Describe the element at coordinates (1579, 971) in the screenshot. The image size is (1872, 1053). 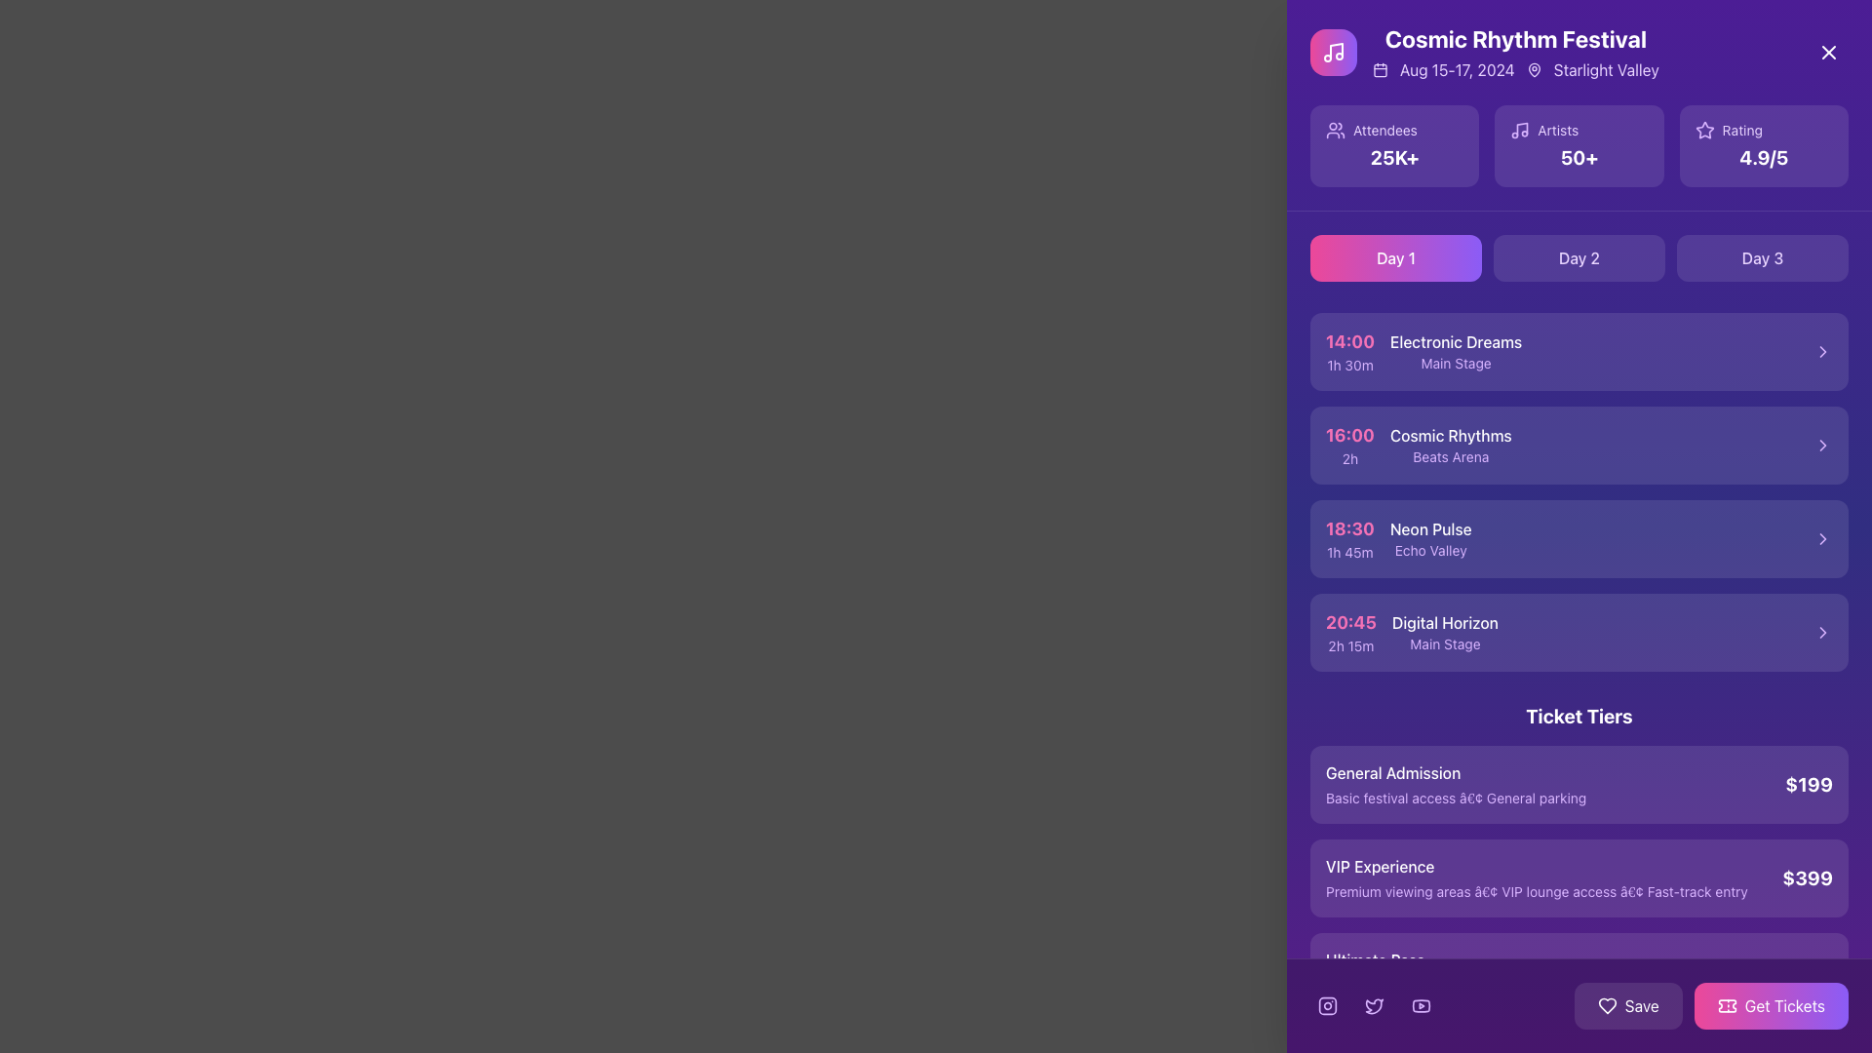
I see `the 'Ultimate Pass' card, the third card in the 'Ticket Tiers' section, for keyboard navigation` at that location.